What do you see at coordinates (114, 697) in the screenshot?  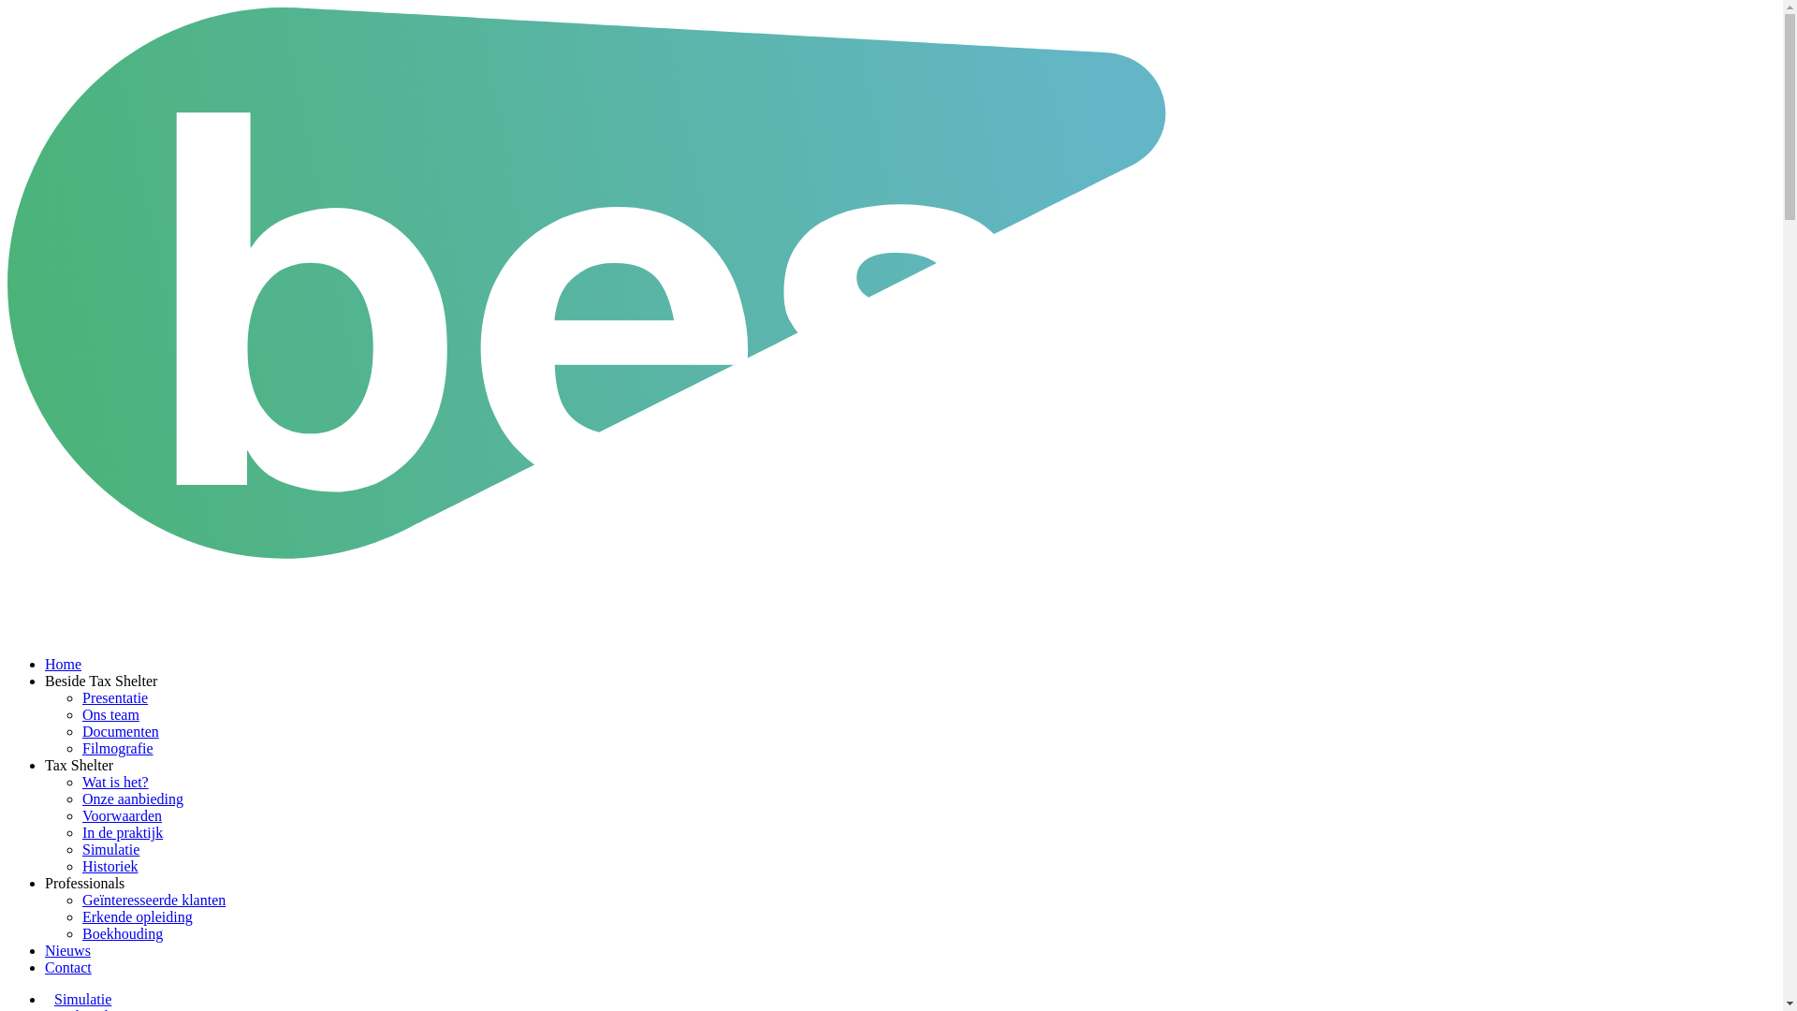 I see `'Presentatie'` at bounding box center [114, 697].